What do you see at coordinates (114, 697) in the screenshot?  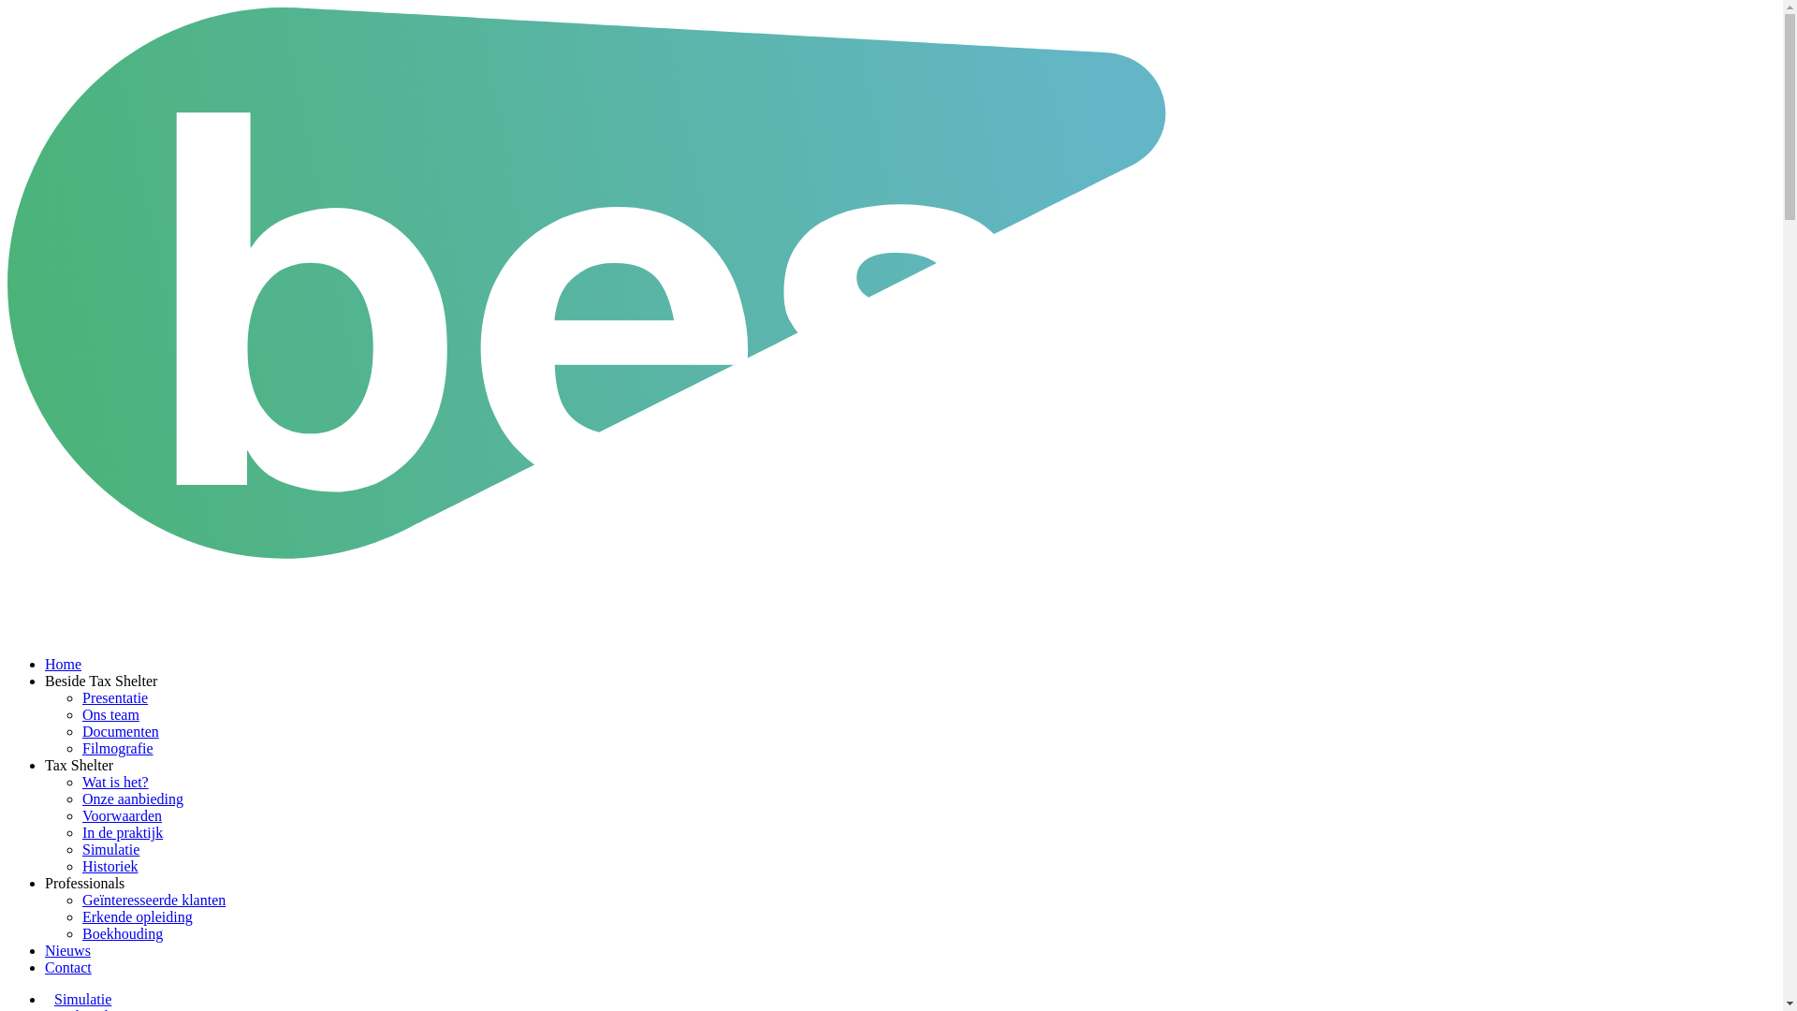 I see `'Presentatie'` at bounding box center [114, 697].